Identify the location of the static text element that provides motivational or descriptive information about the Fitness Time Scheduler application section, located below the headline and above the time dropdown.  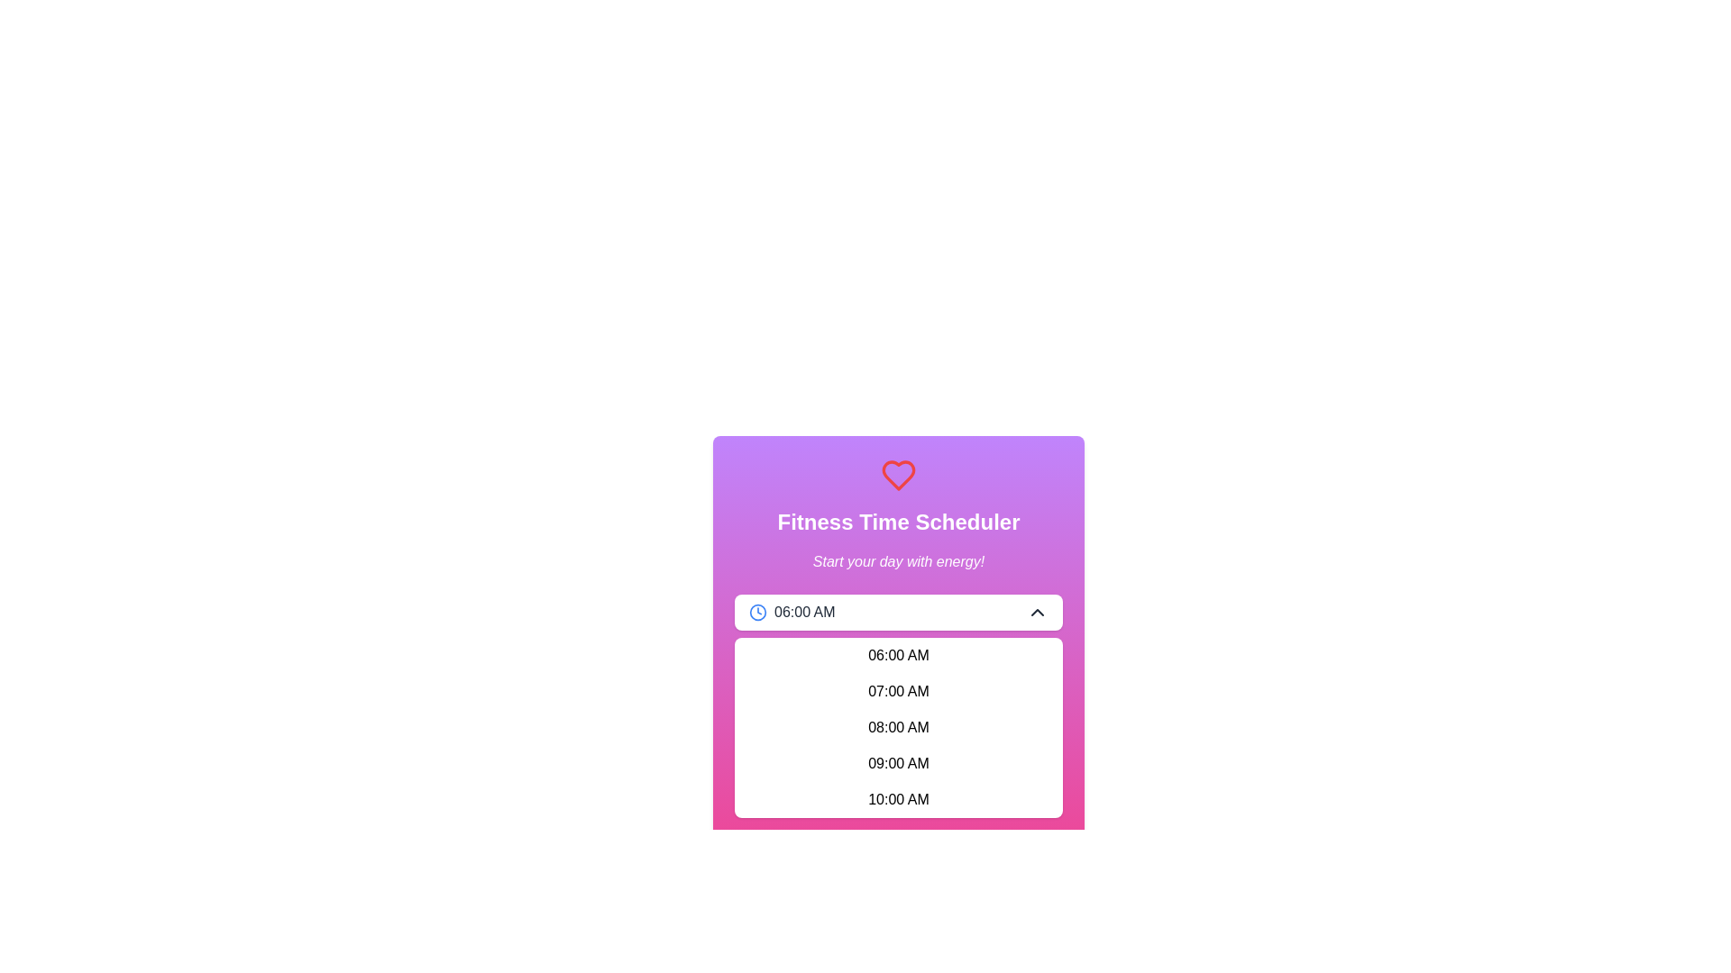
(899, 561).